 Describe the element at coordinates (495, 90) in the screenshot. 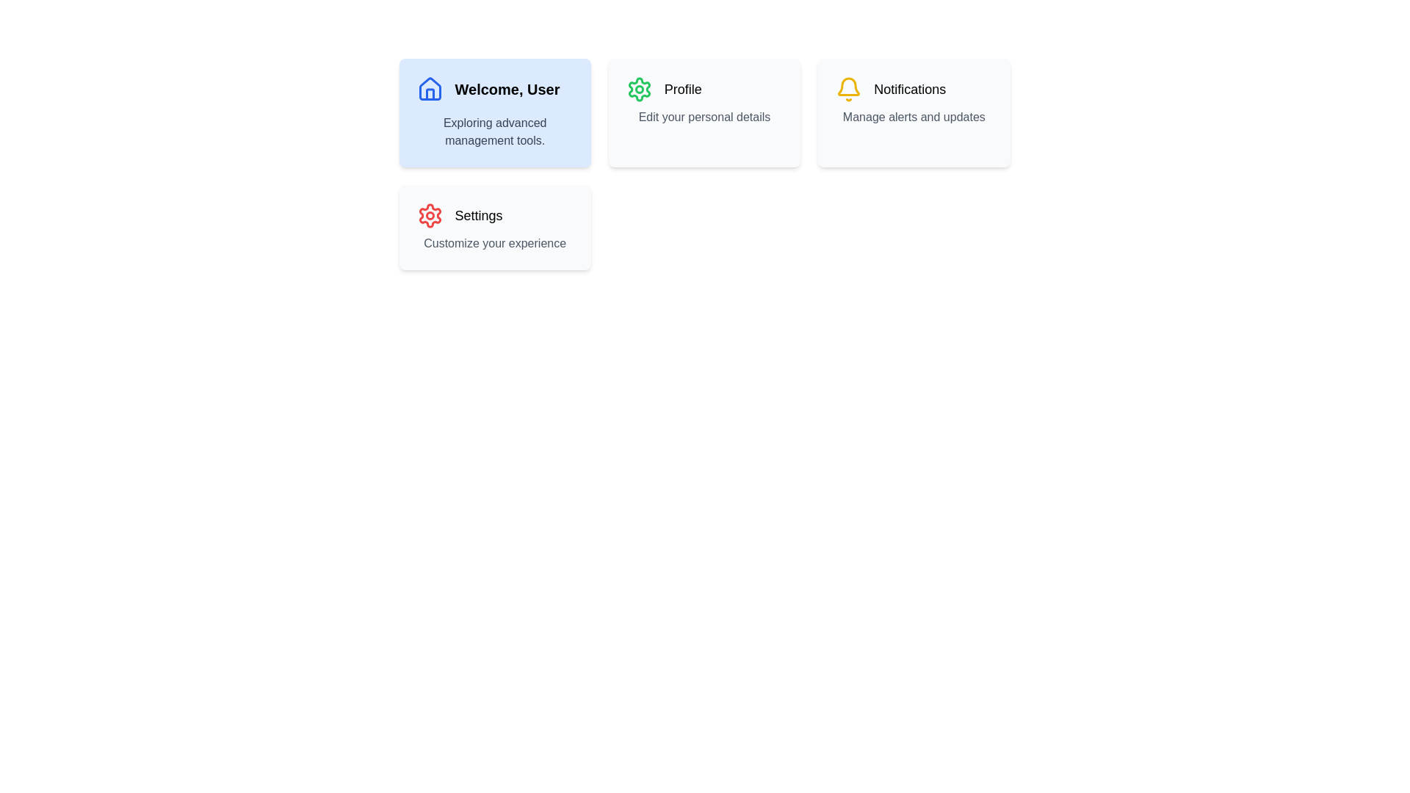

I see `the Text Header with Icon that features a house icon and the text 'Welcome, User' at the top of the card` at that location.